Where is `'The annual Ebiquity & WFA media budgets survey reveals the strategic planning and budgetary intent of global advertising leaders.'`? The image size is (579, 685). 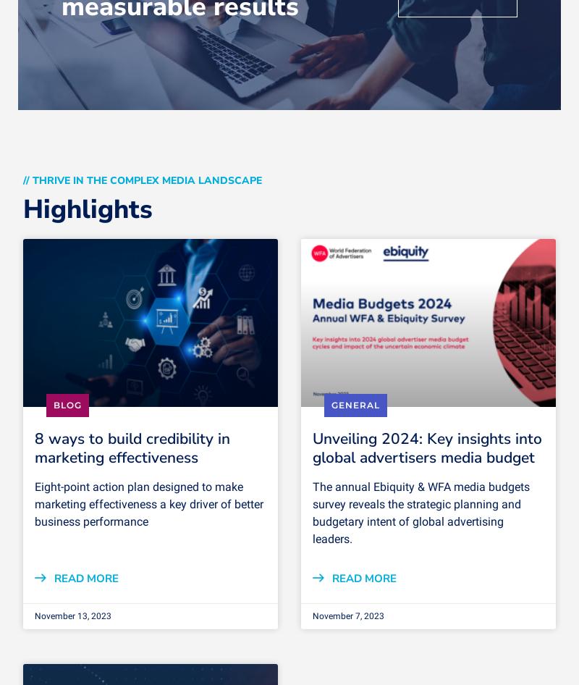 'The annual Ebiquity & WFA media budgets survey reveals the strategic planning and budgetary intent of global advertising leaders.' is located at coordinates (420, 512).